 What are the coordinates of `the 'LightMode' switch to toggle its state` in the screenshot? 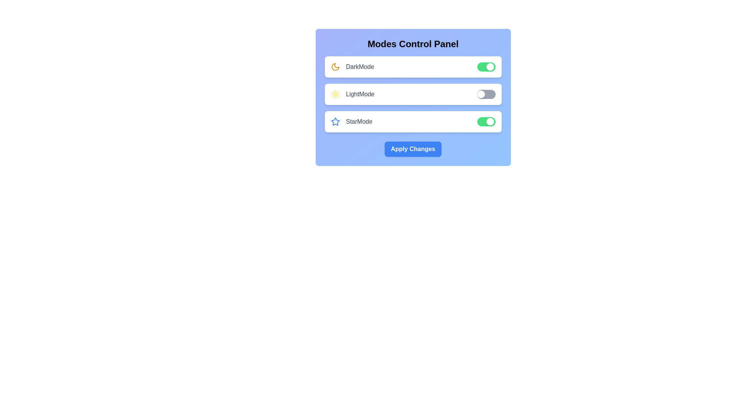 It's located at (486, 94).